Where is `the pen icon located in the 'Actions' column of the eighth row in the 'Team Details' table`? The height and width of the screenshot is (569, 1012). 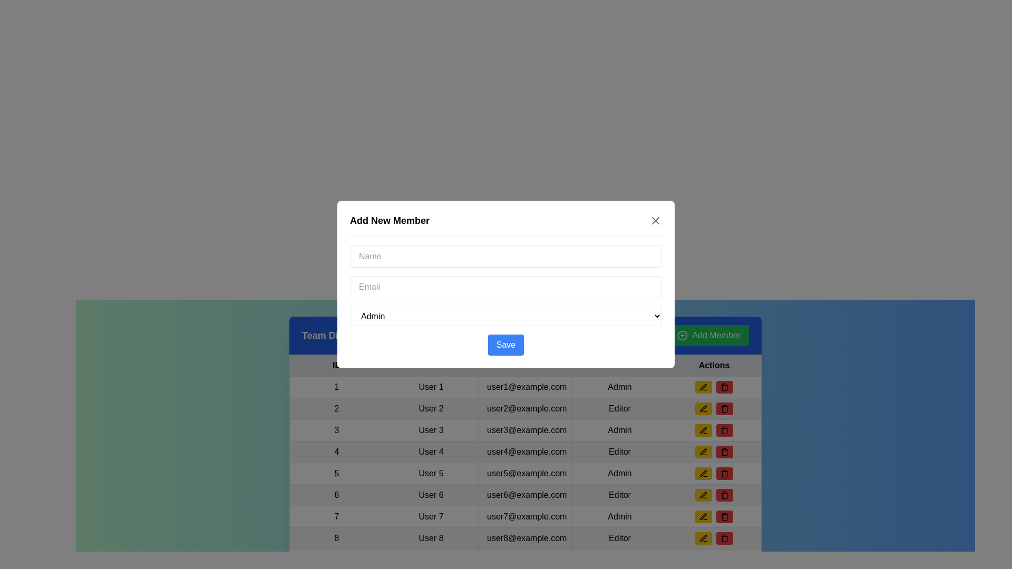 the pen icon located in the 'Actions' column of the eighth row in the 'Team Details' table is located at coordinates (703, 430).